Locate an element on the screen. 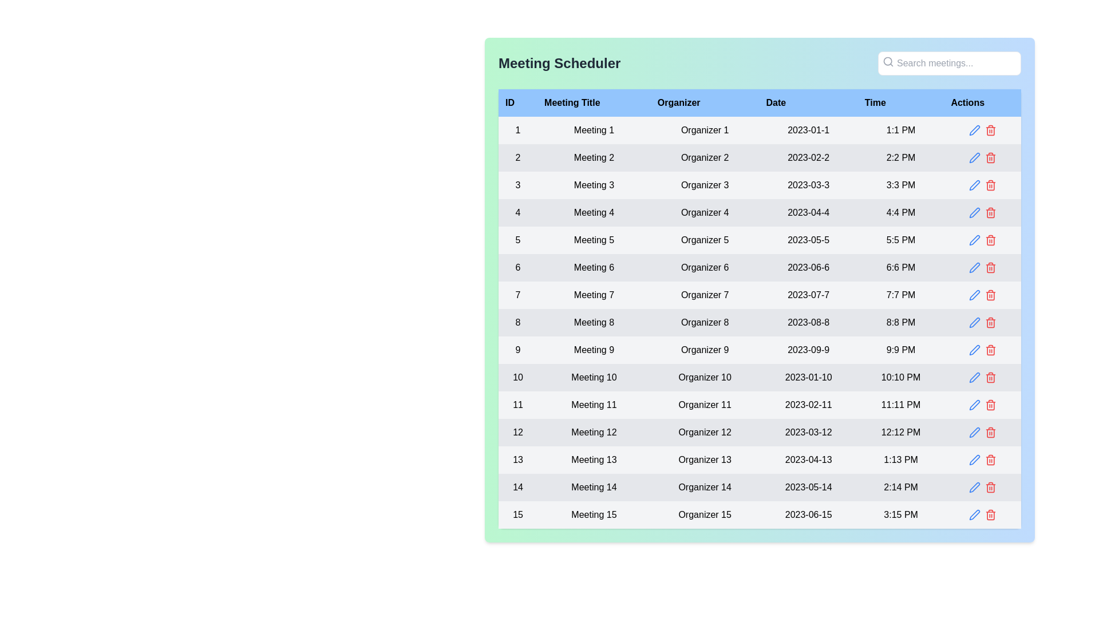 This screenshot has height=618, width=1099. the text label displaying 'Meeting 10' in the 'Meeting Title' column of the row labeled with ID '10' is located at coordinates (594, 377).